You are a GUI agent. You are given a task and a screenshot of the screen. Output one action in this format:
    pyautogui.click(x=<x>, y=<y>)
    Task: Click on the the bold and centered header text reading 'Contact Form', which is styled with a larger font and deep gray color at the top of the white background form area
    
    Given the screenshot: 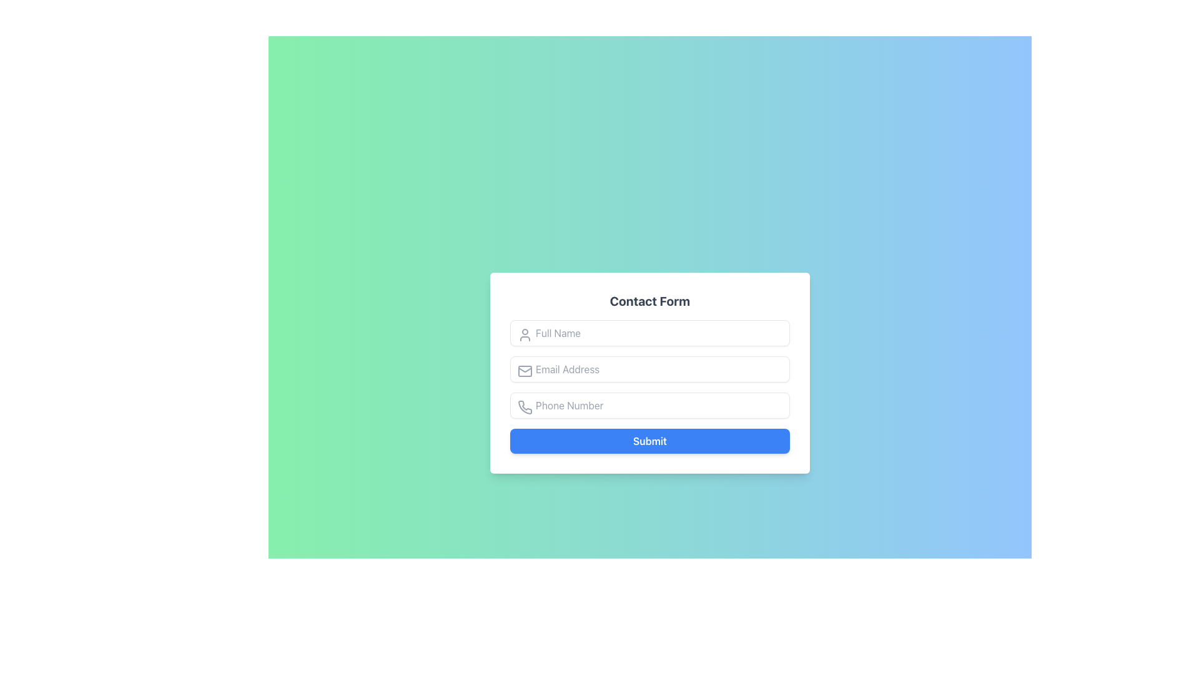 What is the action you would take?
    pyautogui.click(x=649, y=301)
    